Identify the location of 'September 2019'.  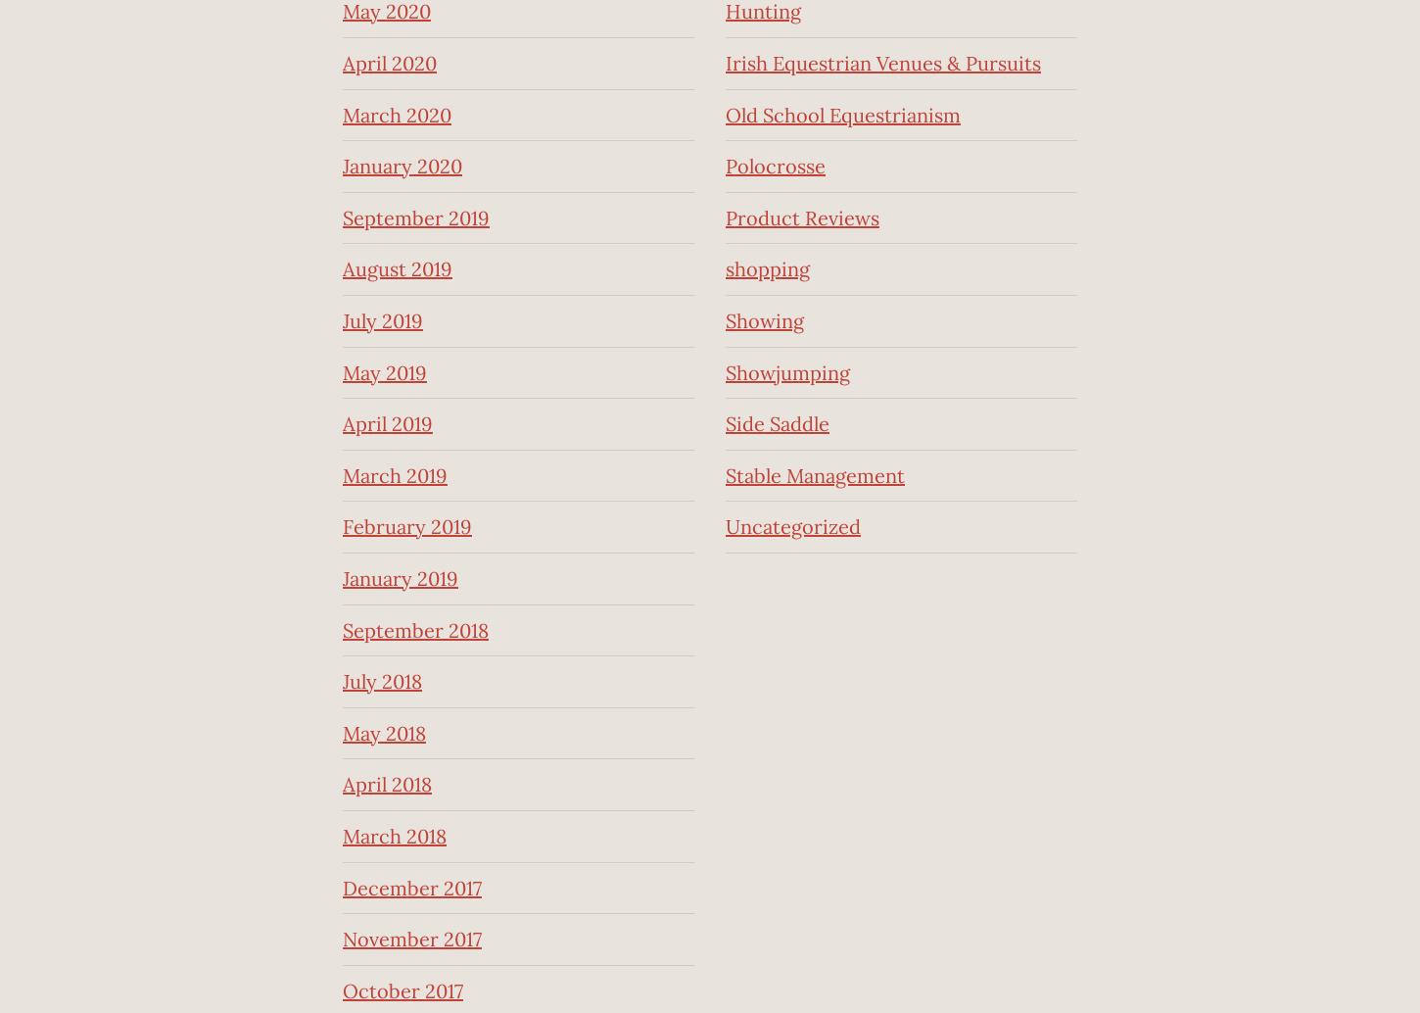
(414, 217).